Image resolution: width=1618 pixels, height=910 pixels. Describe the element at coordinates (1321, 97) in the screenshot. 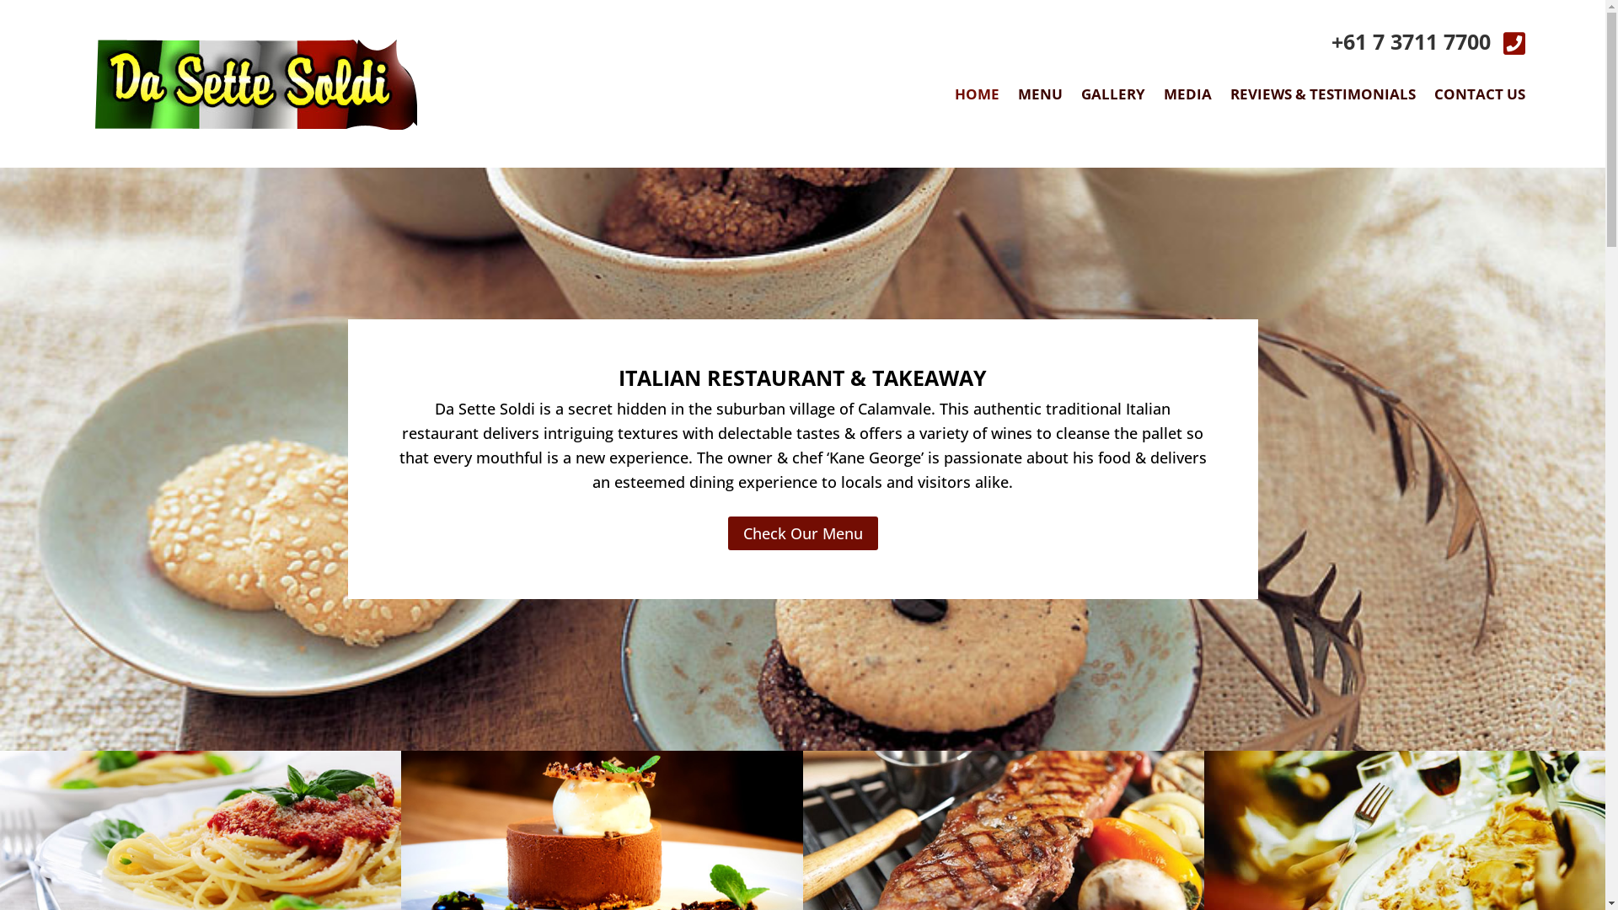

I see `'REVIEWS & TESTIMONIALS'` at that location.